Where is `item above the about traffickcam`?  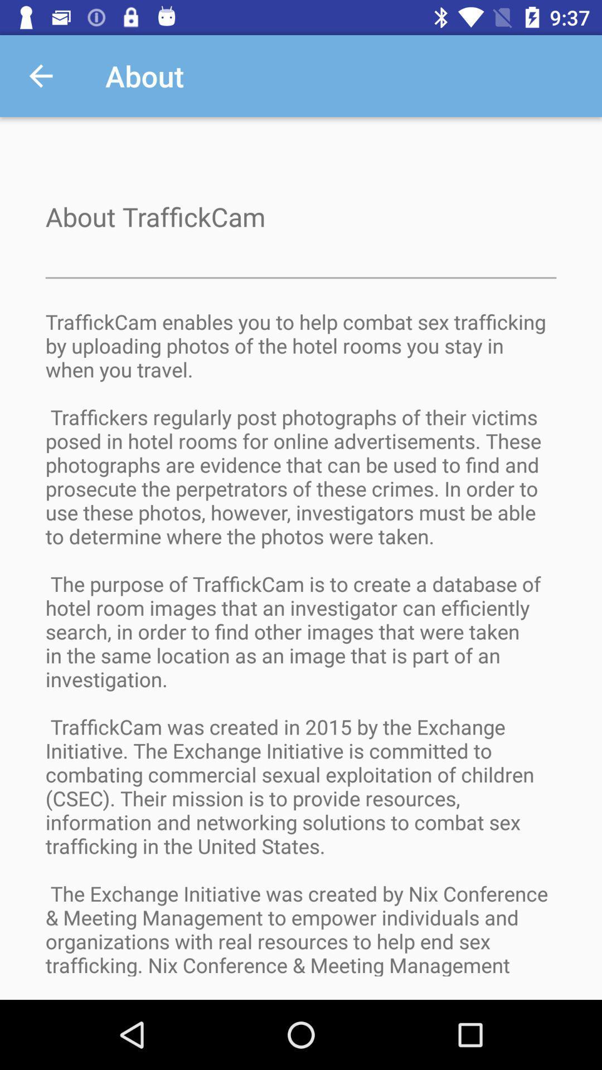
item above the about traffickcam is located at coordinates (40, 75).